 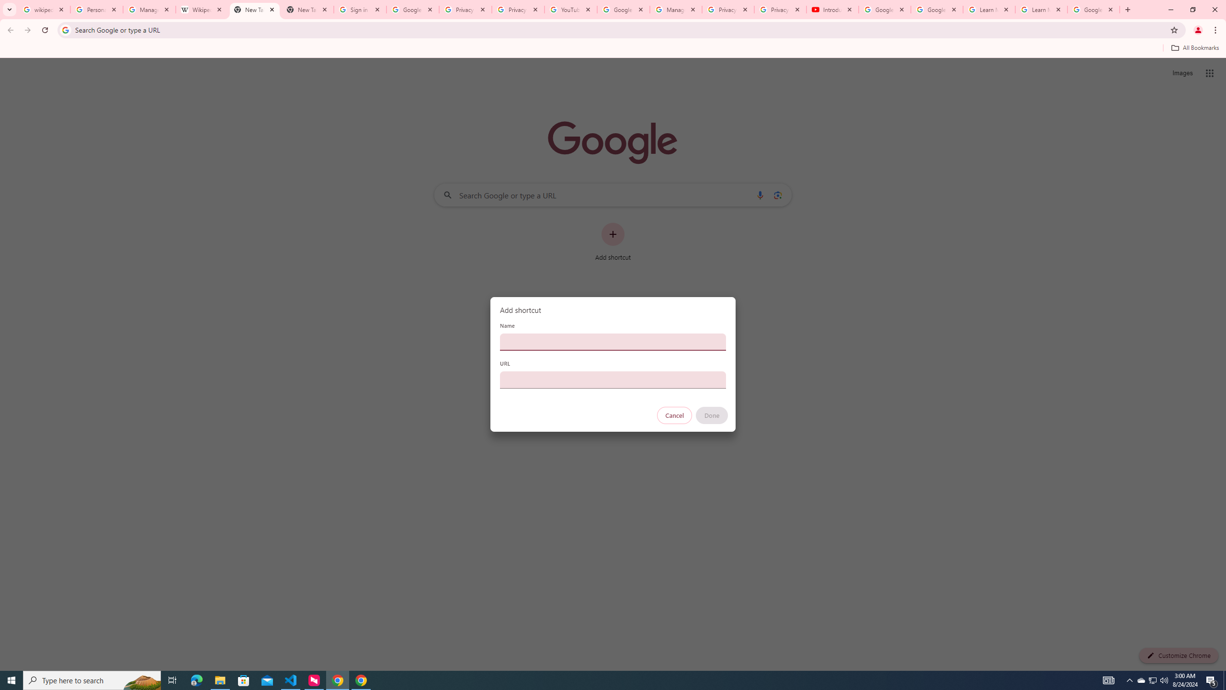 I want to click on 'Google Account Help', so click(x=884, y=9).